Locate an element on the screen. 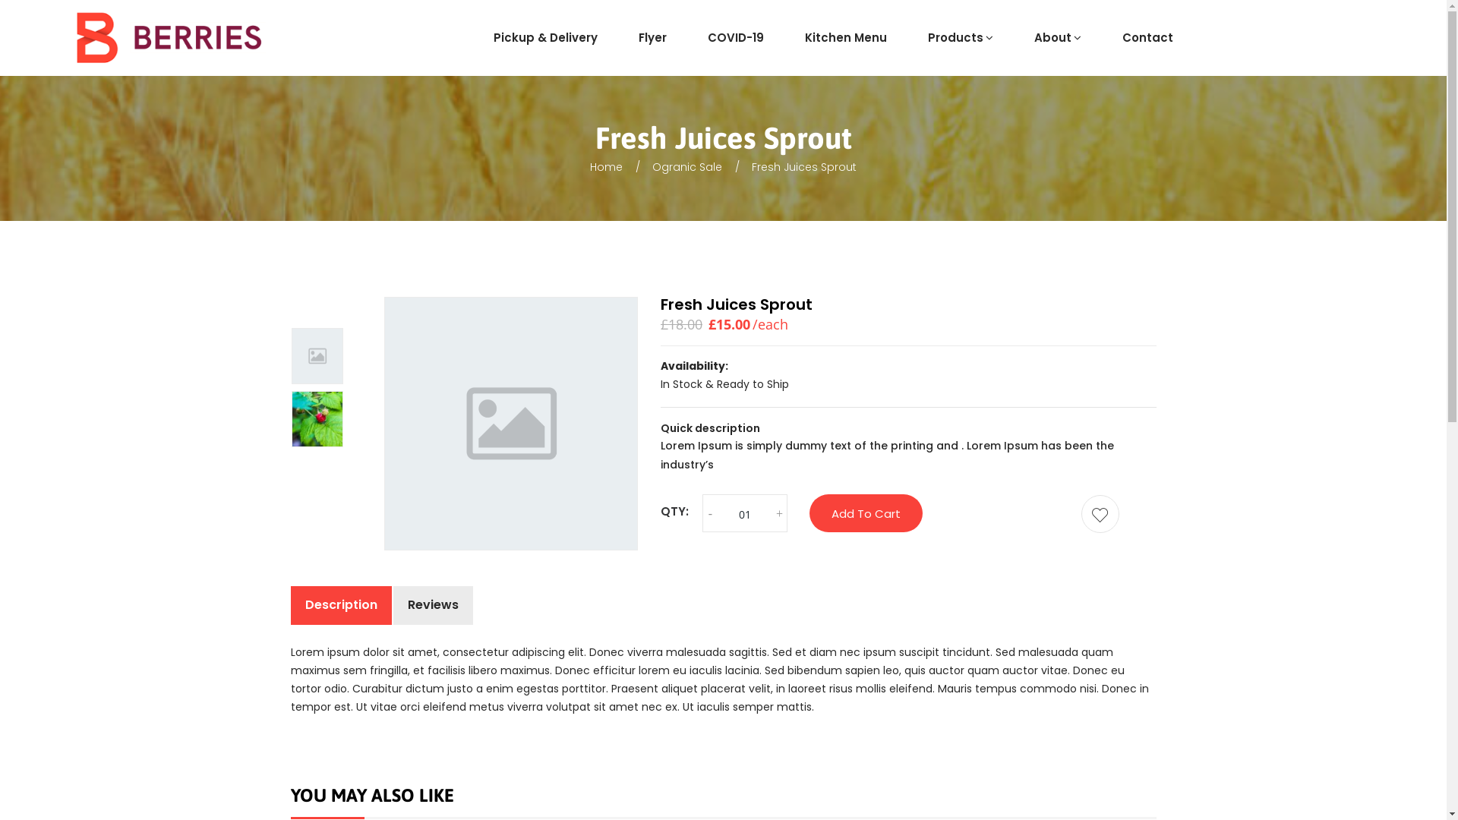 This screenshot has height=820, width=1458. 'Qty' is located at coordinates (744, 513).